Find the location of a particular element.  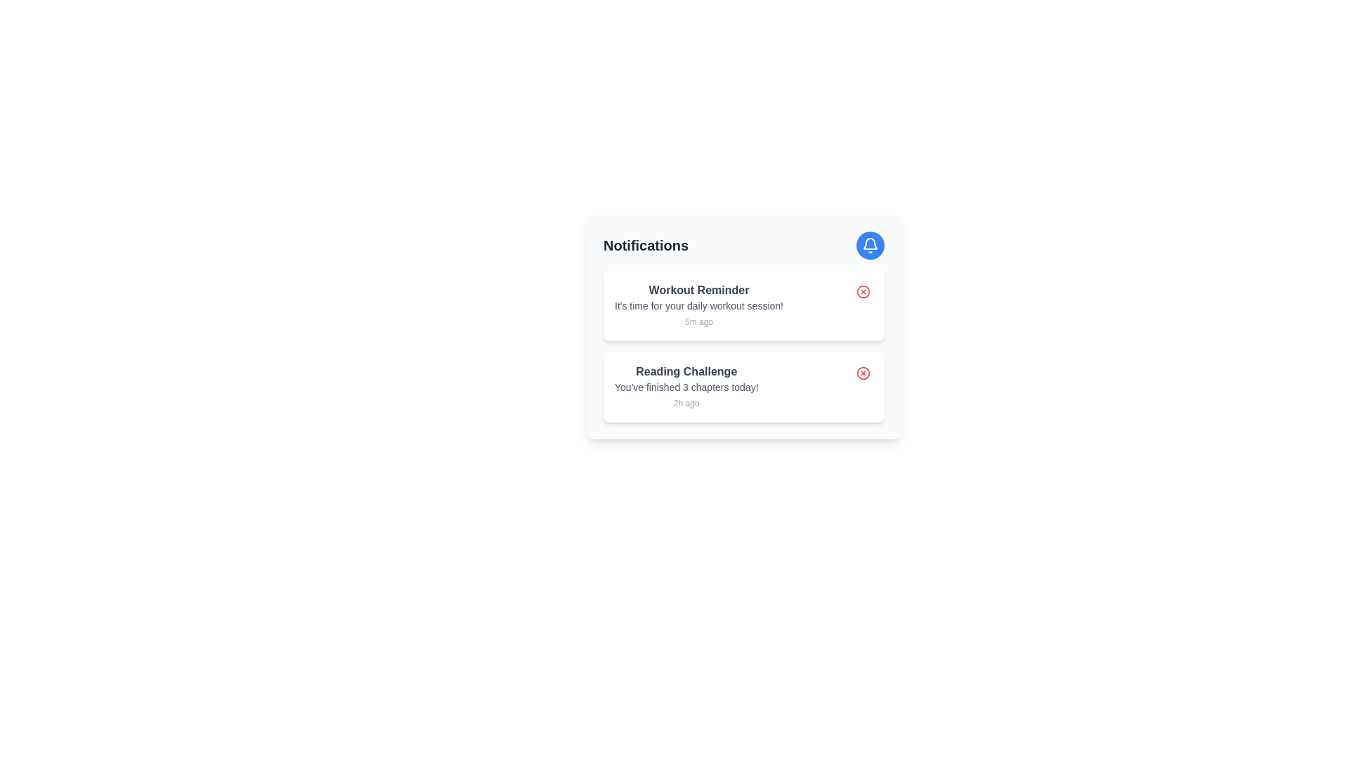

displayed notification information in the second notification card about the reading challenge progress, which shows details of 3 chapters completed and a timestamp of 2 hours ago is located at coordinates (686, 387).